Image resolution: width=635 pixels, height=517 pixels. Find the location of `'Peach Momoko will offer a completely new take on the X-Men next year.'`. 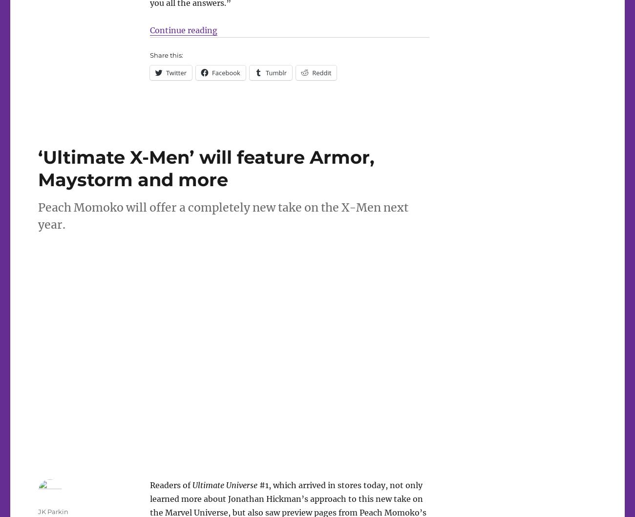

'Peach Momoko will offer a completely new take on the X-Men next year.' is located at coordinates (222, 215).